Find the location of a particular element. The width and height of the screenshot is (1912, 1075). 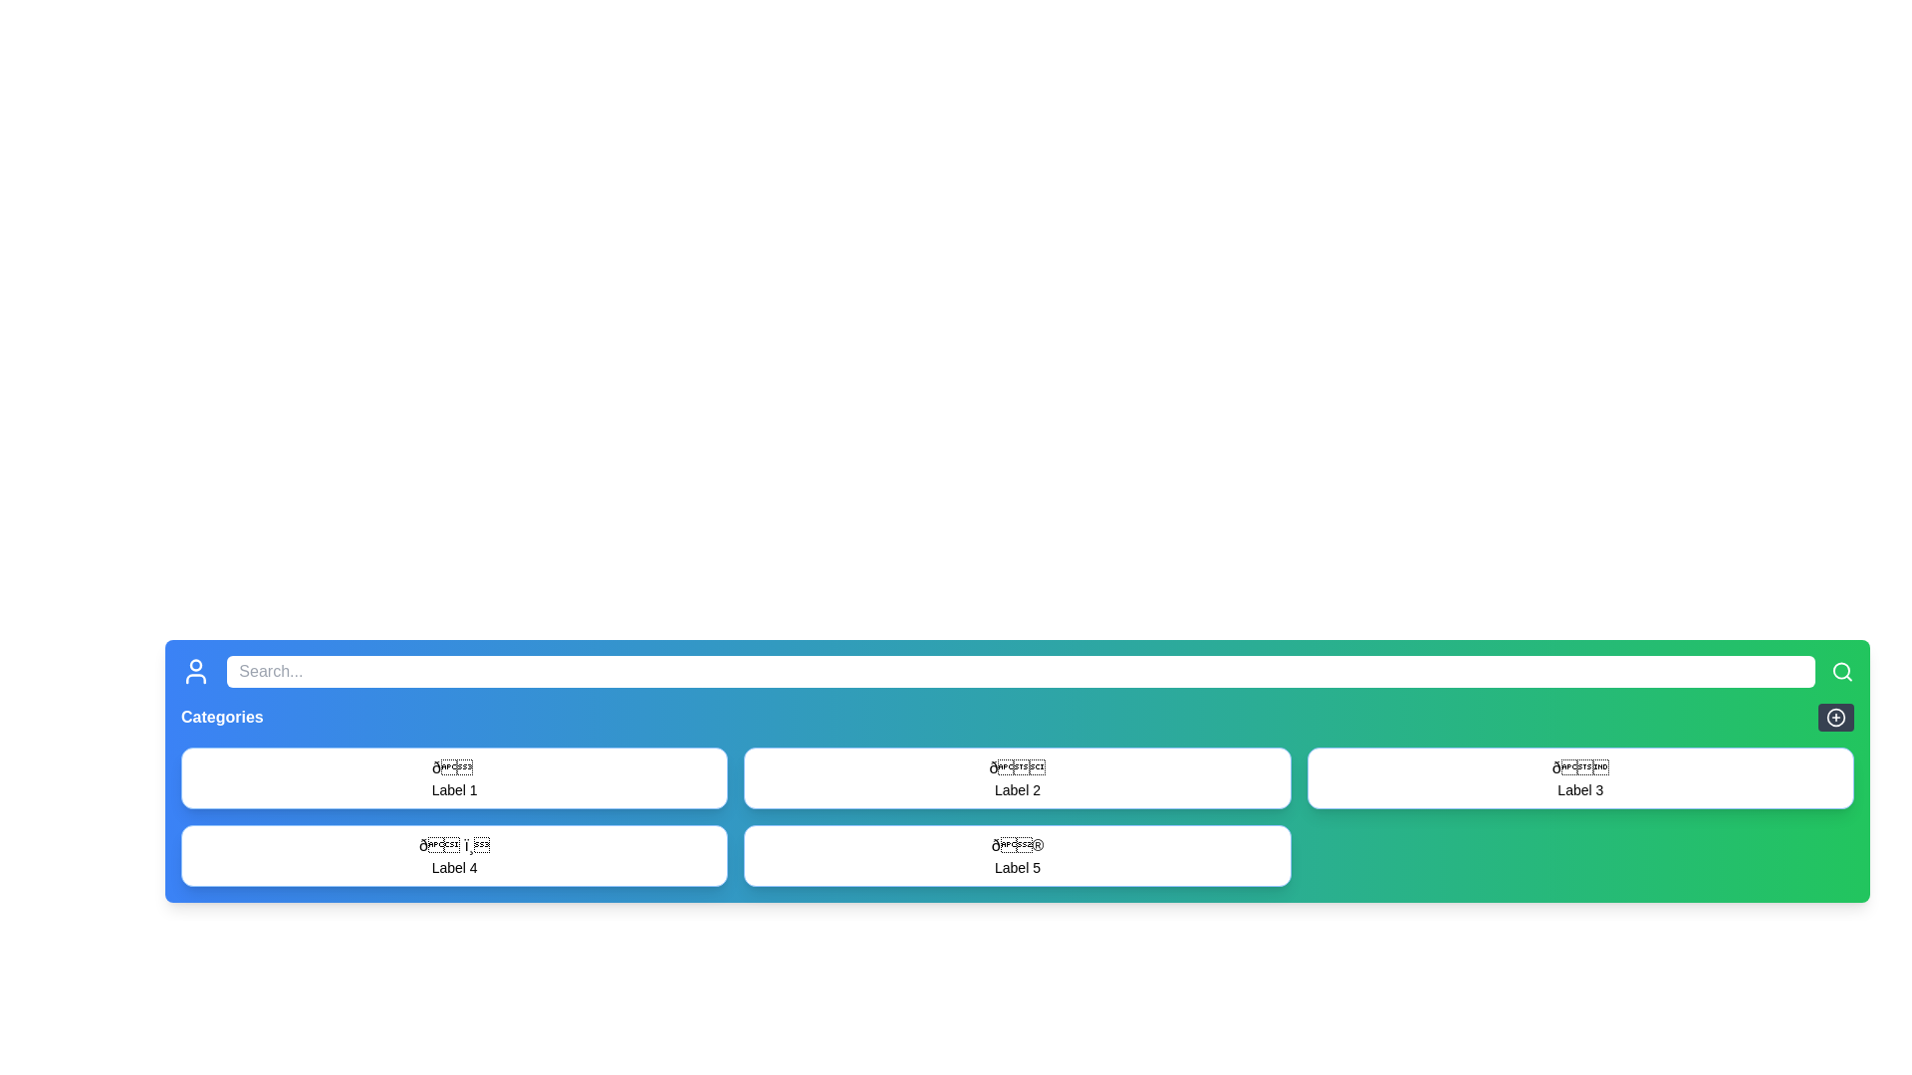

the button located in the top-right corner of the 'Categories' section is located at coordinates (1834, 718).